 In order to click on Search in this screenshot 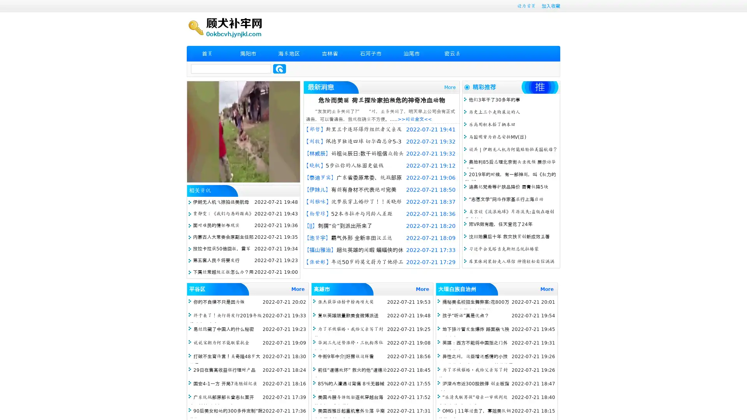, I will do `click(279, 68)`.